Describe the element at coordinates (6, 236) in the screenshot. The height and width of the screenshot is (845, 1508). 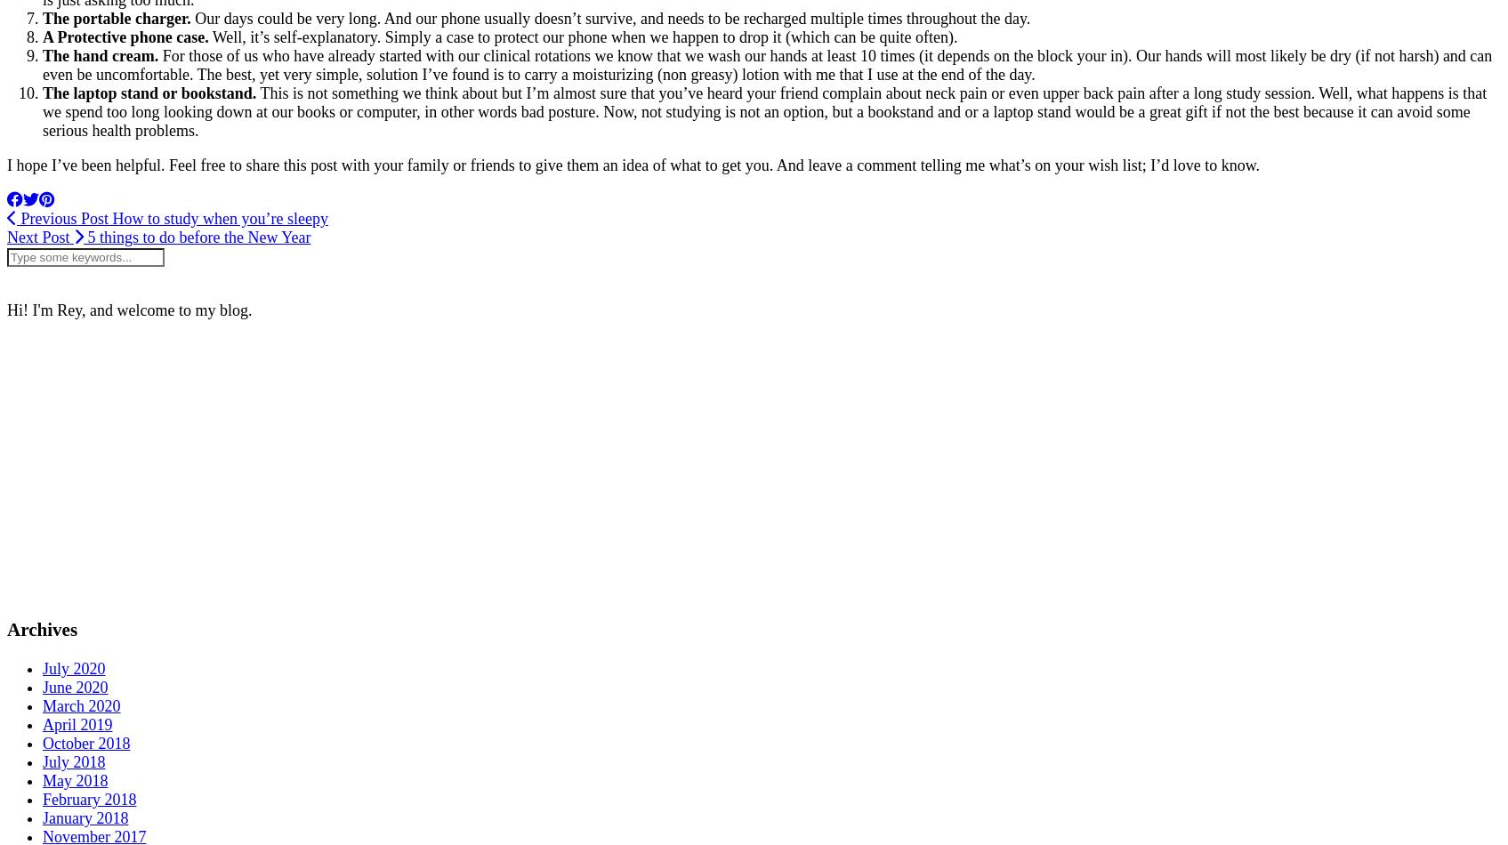
I see `'Next Post'` at that location.